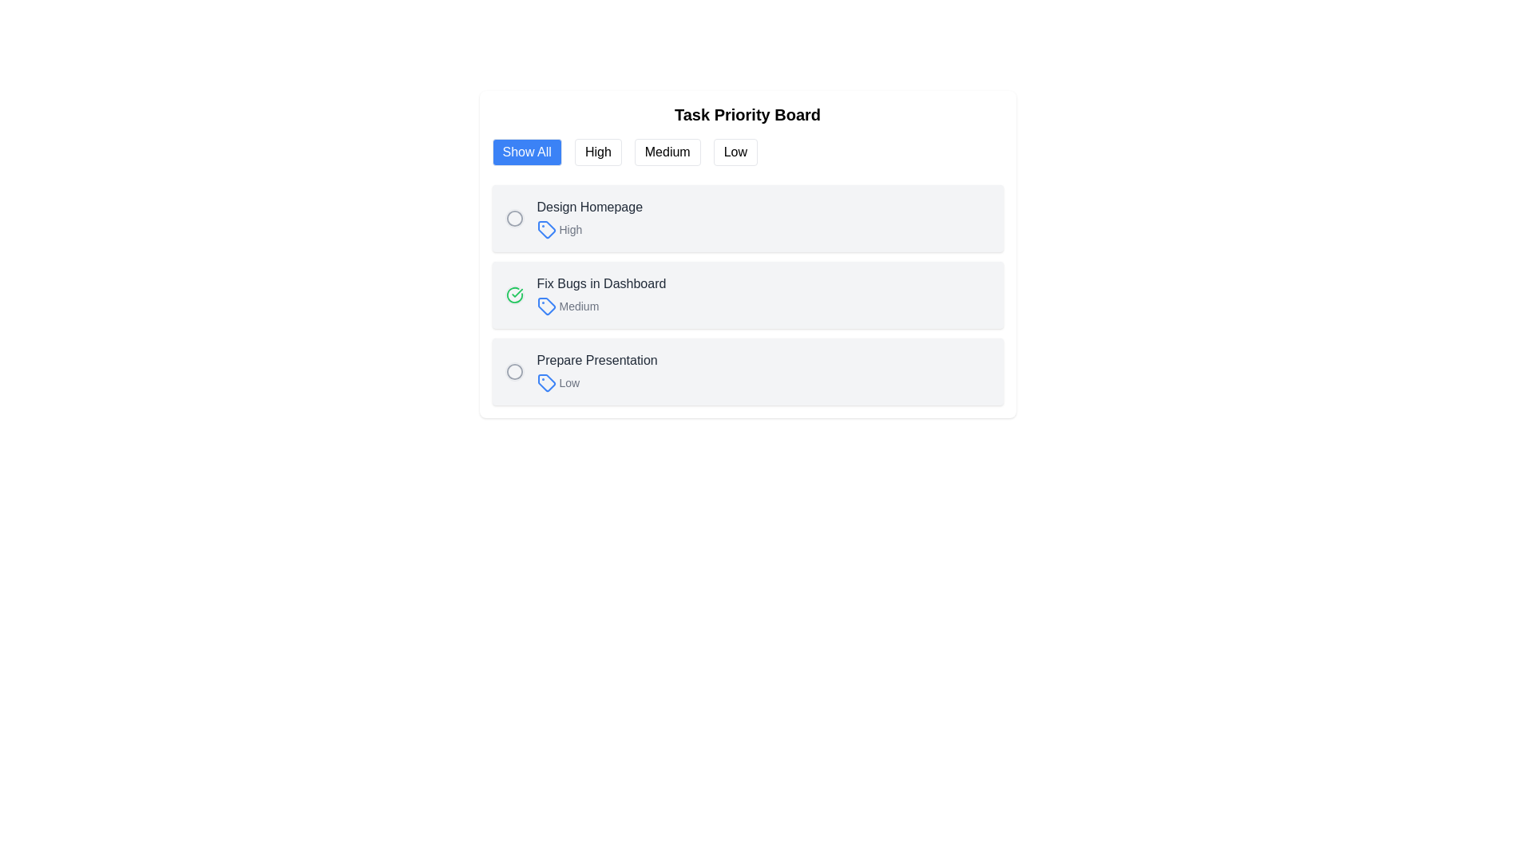  What do you see at coordinates (546, 306) in the screenshot?
I see `the priority level icon located to the left of the text 'Medium' in the second row of the Task Priority Board section` at bounding box center [546, 306].